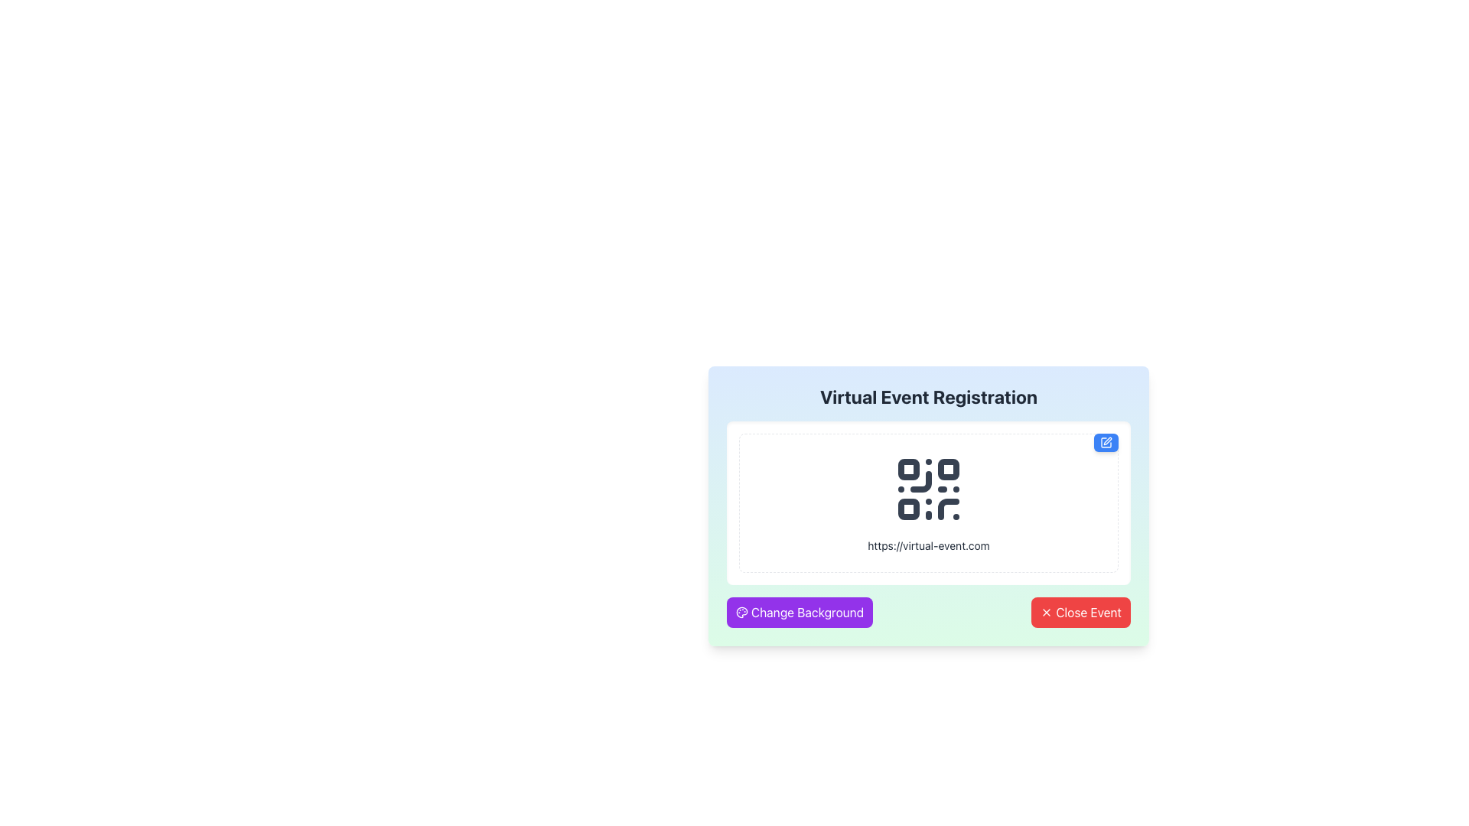  I want to click on the 'Change Background' button with a purple background and white rounded corners to change the background, so click(799, 612).